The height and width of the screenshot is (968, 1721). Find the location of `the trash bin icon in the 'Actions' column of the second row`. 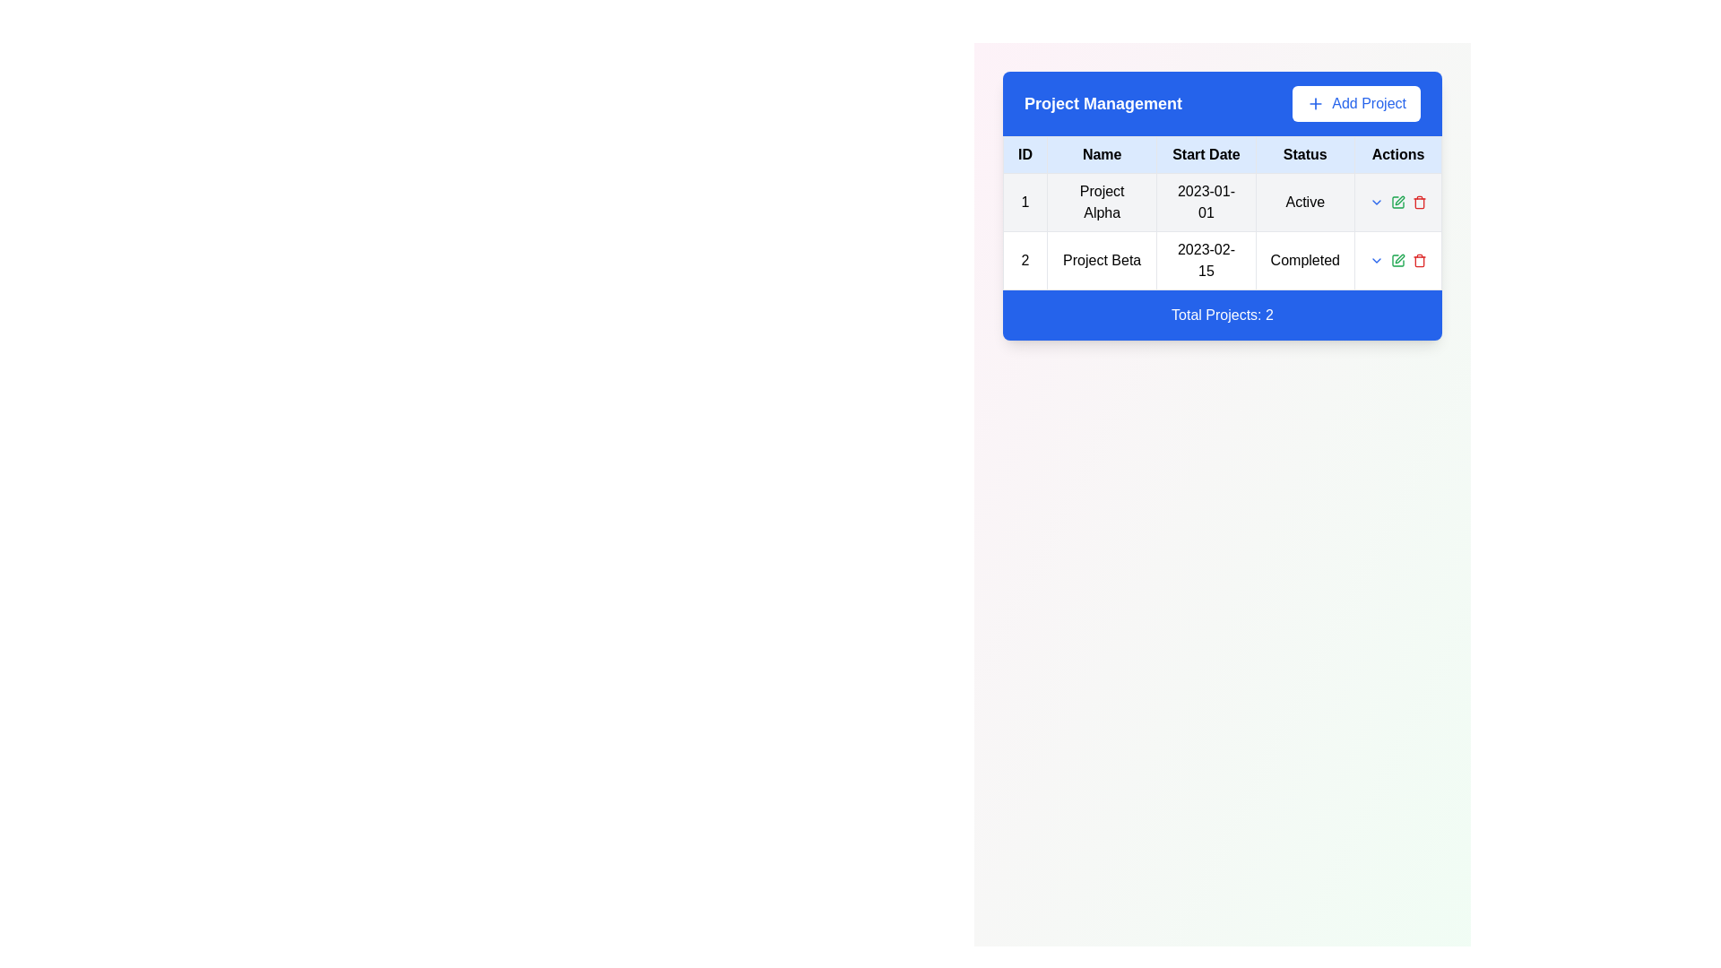

the trash bin icon in the 'Actions' column of the second row is located at coordinates (1419, 262).